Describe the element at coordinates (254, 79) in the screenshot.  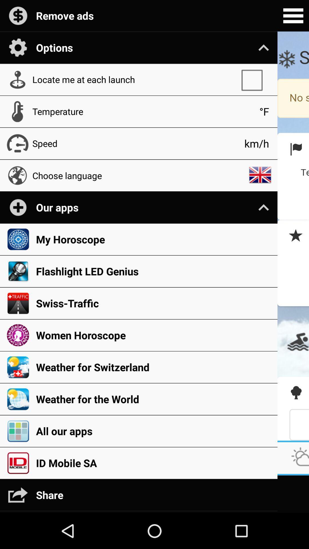
I see `selection box` at that location.